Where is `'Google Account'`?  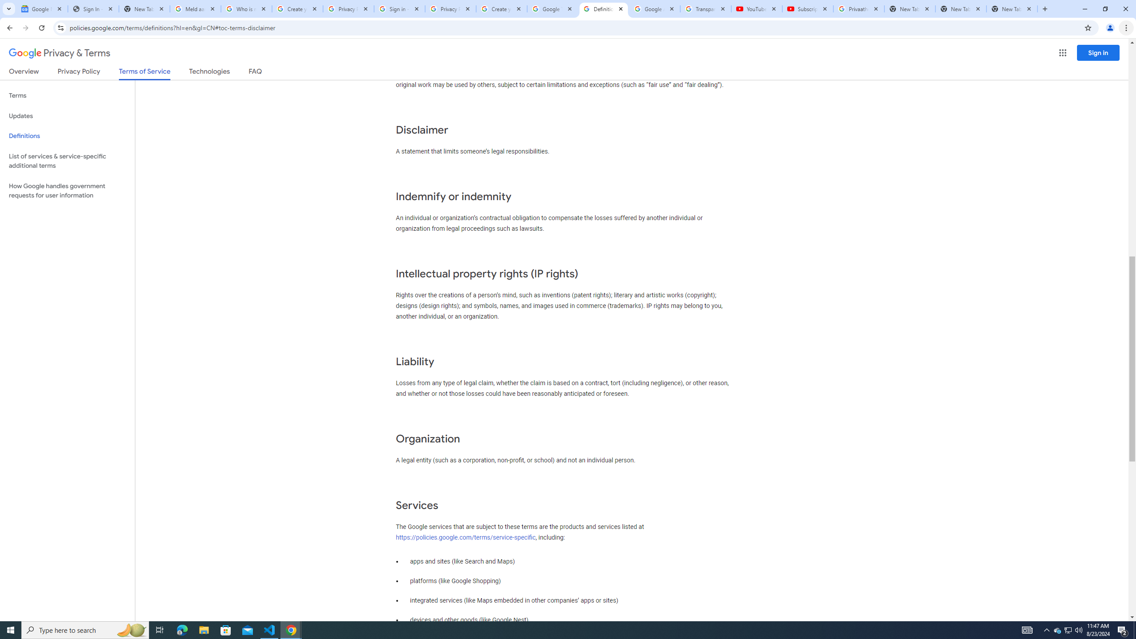 'Google Account' is located at coordinates (654, 8).